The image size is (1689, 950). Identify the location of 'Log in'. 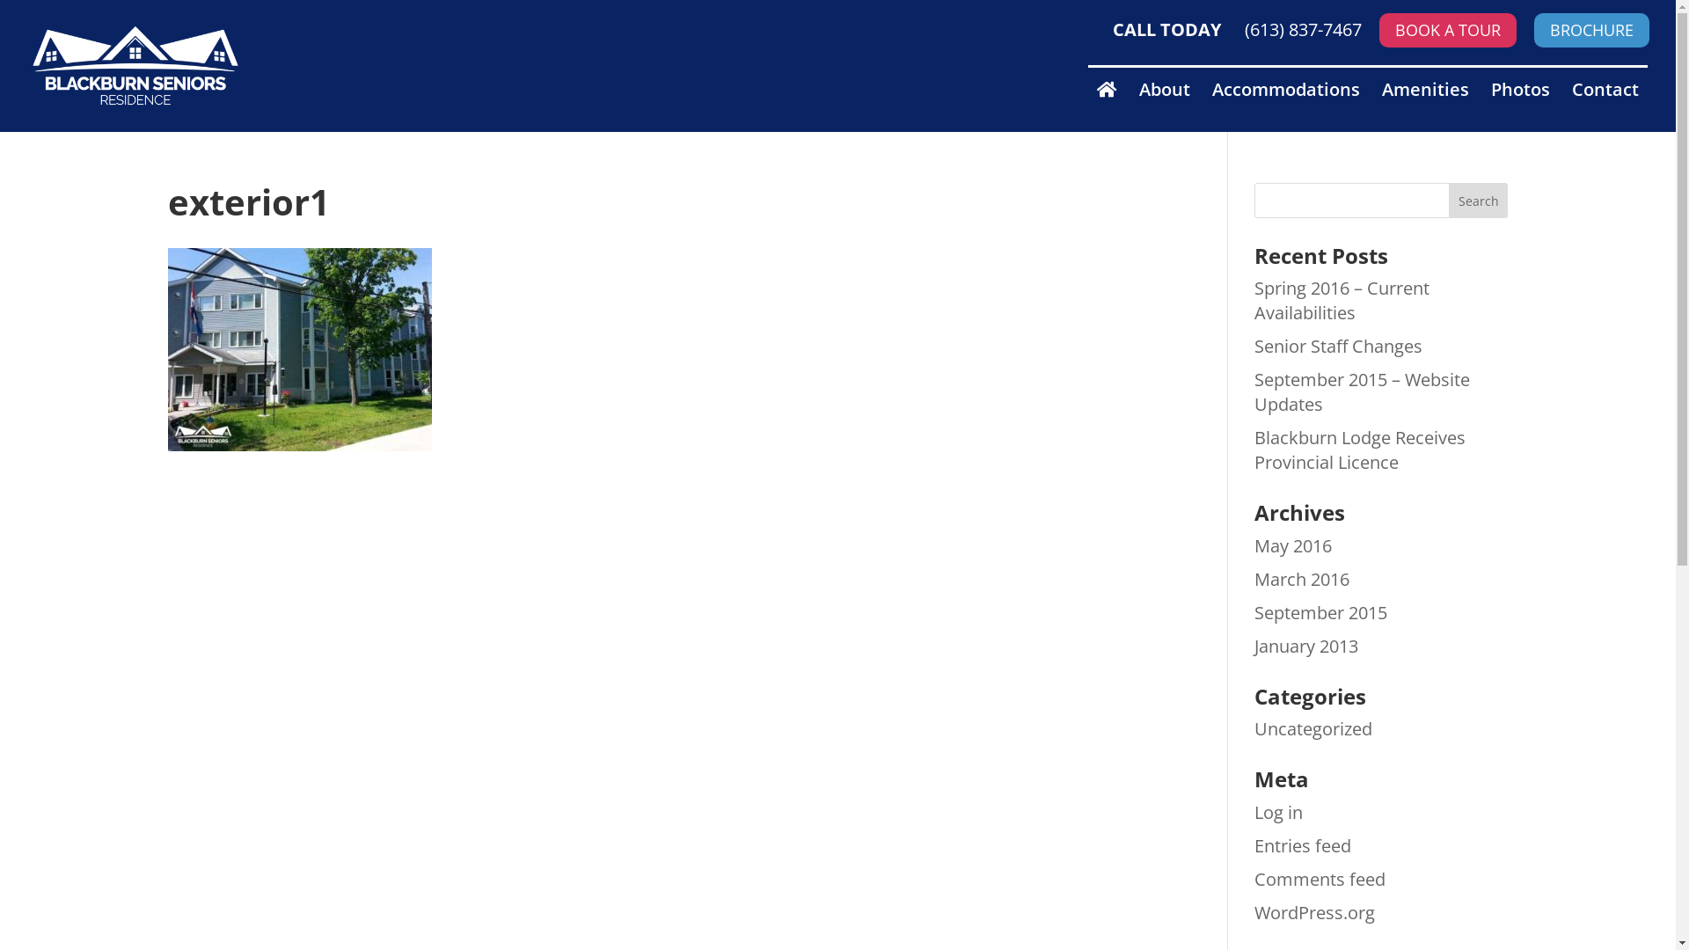
(1278, 812).